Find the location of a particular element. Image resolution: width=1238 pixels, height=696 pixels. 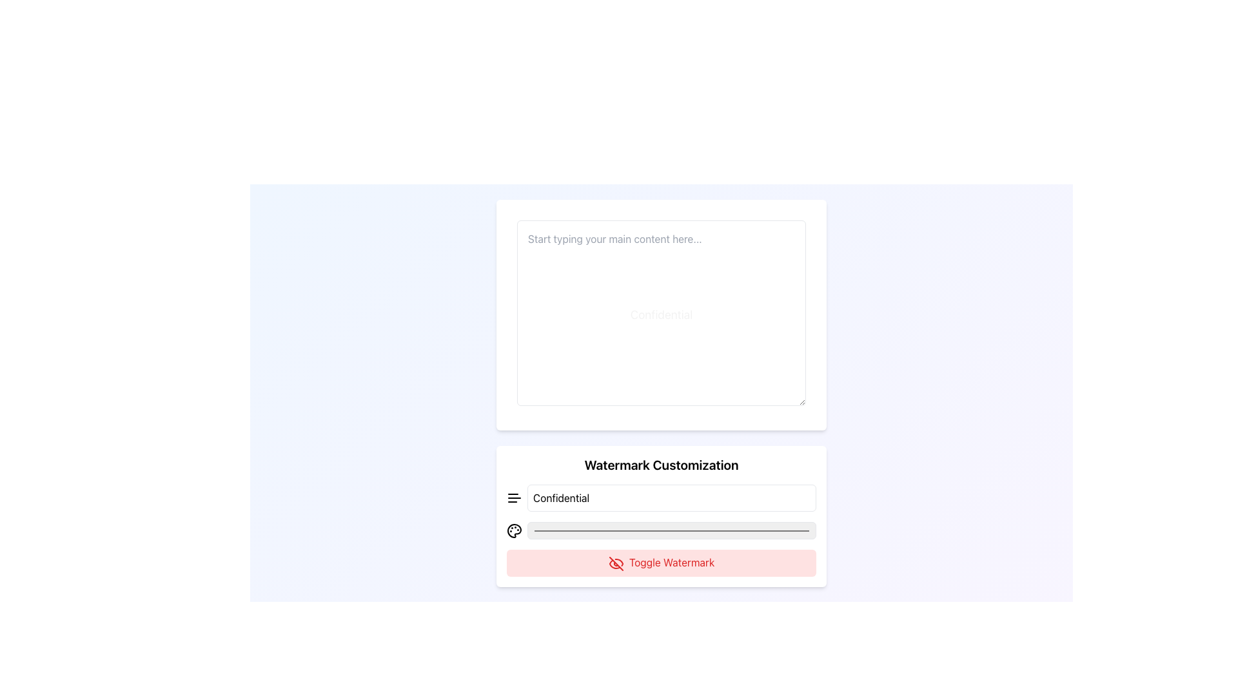

the Color Picker Input in the Watermark Customization panel is located at coordinates (671, 530).